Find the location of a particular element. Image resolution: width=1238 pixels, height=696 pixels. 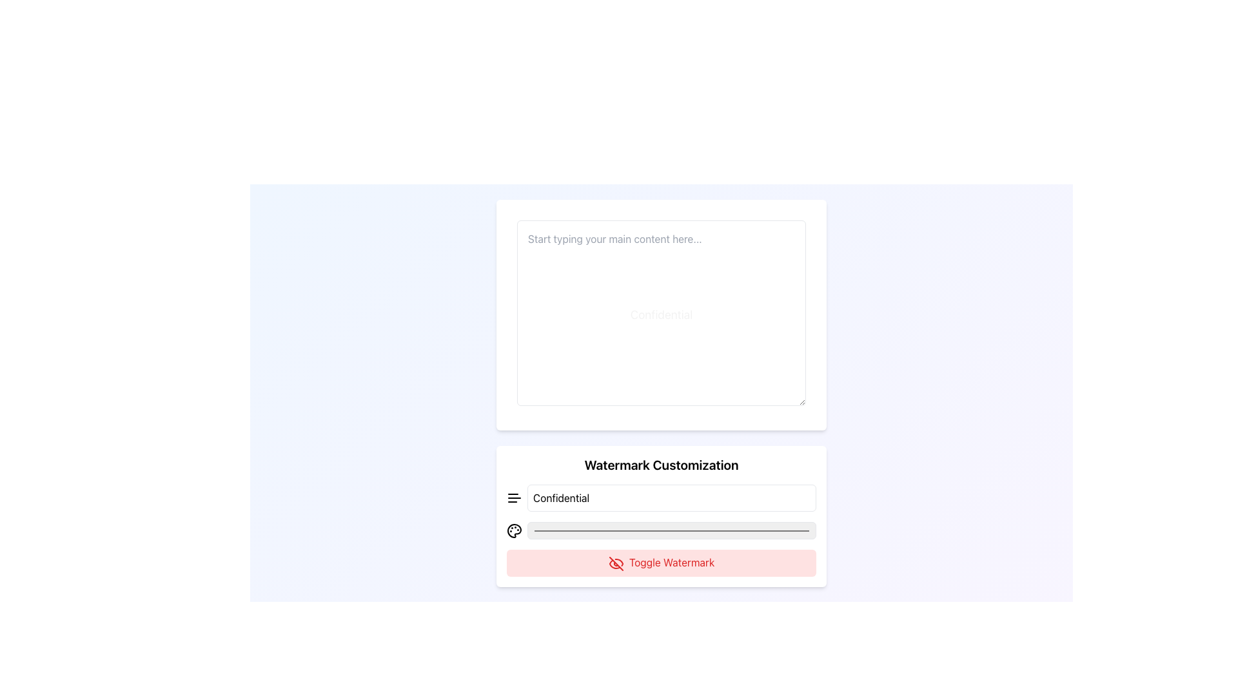

the Color Picker Input in the Watermark Customization panel is located at coordinates (671, 530).